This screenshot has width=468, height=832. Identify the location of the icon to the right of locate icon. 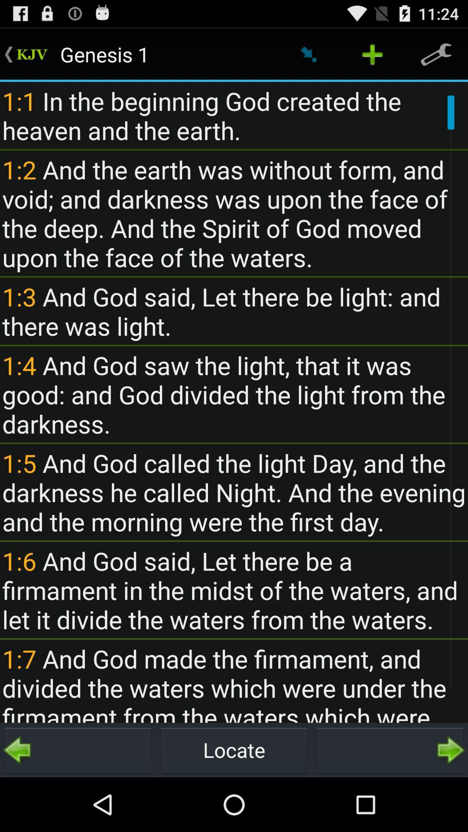
(389, 750).